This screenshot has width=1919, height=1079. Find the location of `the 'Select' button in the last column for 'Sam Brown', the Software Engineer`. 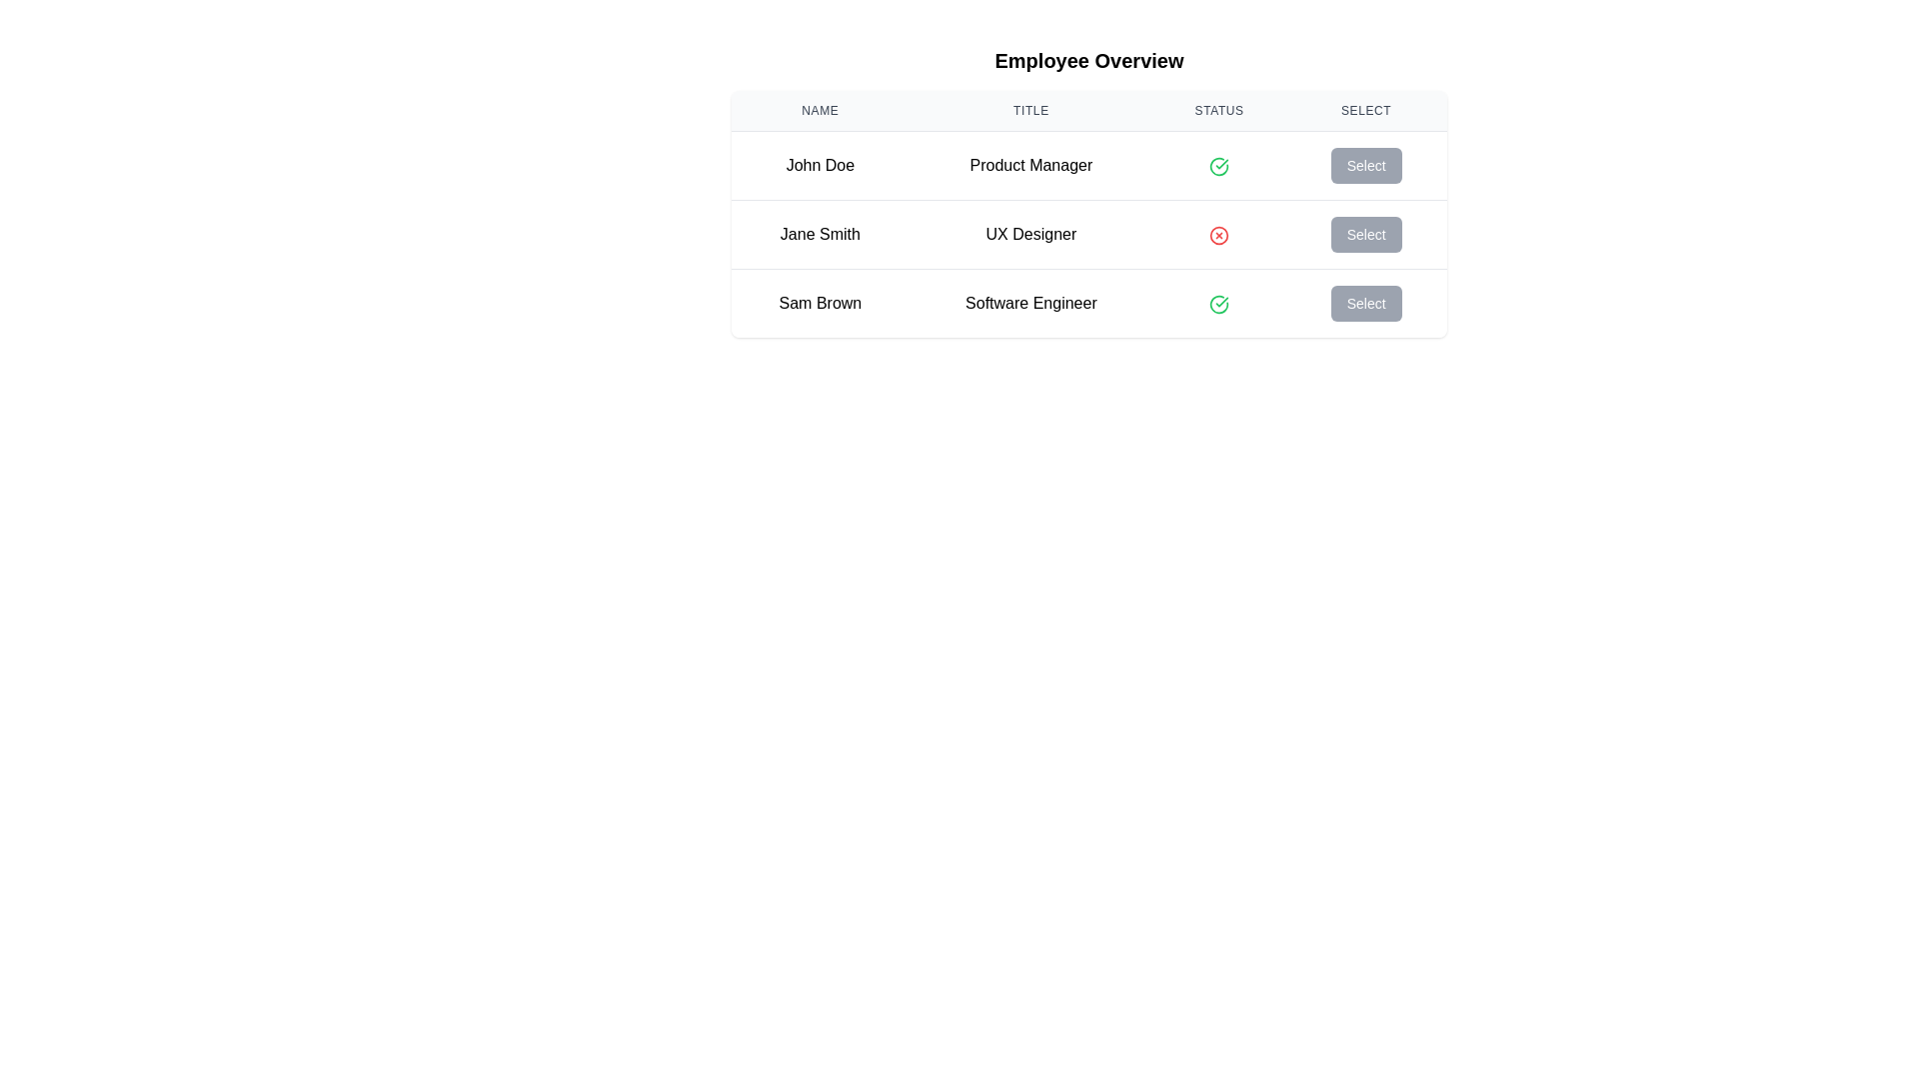

the 'Select' button in the last column for 'Sam Brown', the Software Engineer is located at coordinates (1365, 303).